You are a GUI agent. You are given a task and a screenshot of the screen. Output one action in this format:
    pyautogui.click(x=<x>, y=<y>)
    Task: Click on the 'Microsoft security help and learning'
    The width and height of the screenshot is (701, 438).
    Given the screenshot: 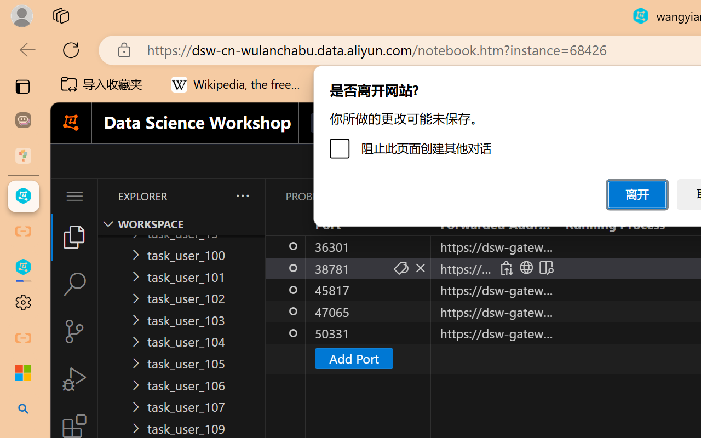 What is the action you would take?
    pyautogui.click(x=23, y=373)
    